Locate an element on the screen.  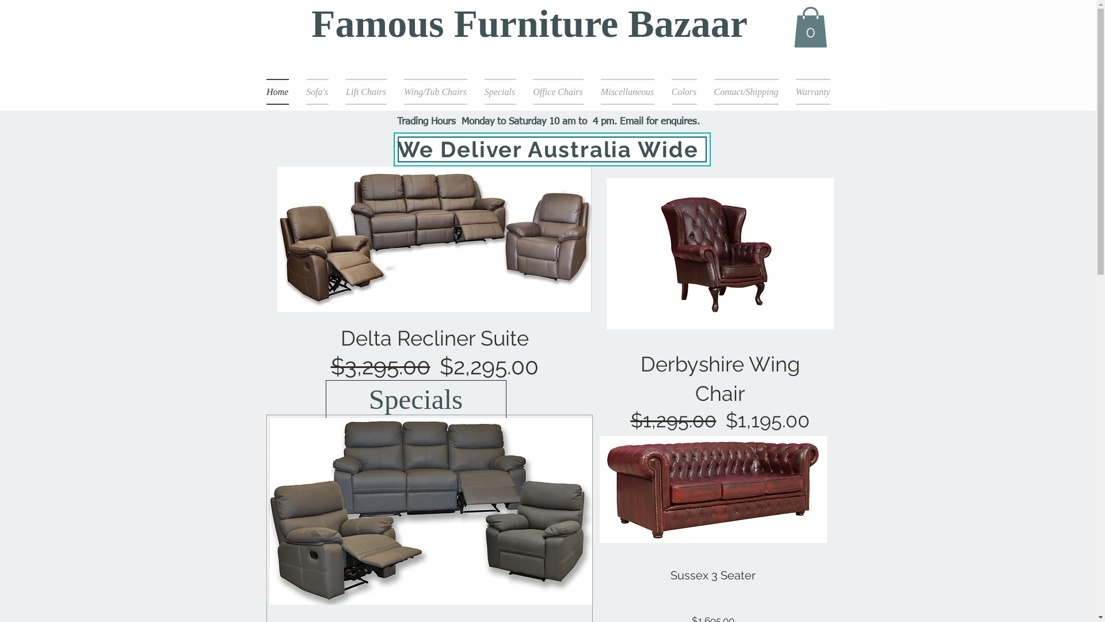
'Office Chairs' is located at coordinates (558, 91).